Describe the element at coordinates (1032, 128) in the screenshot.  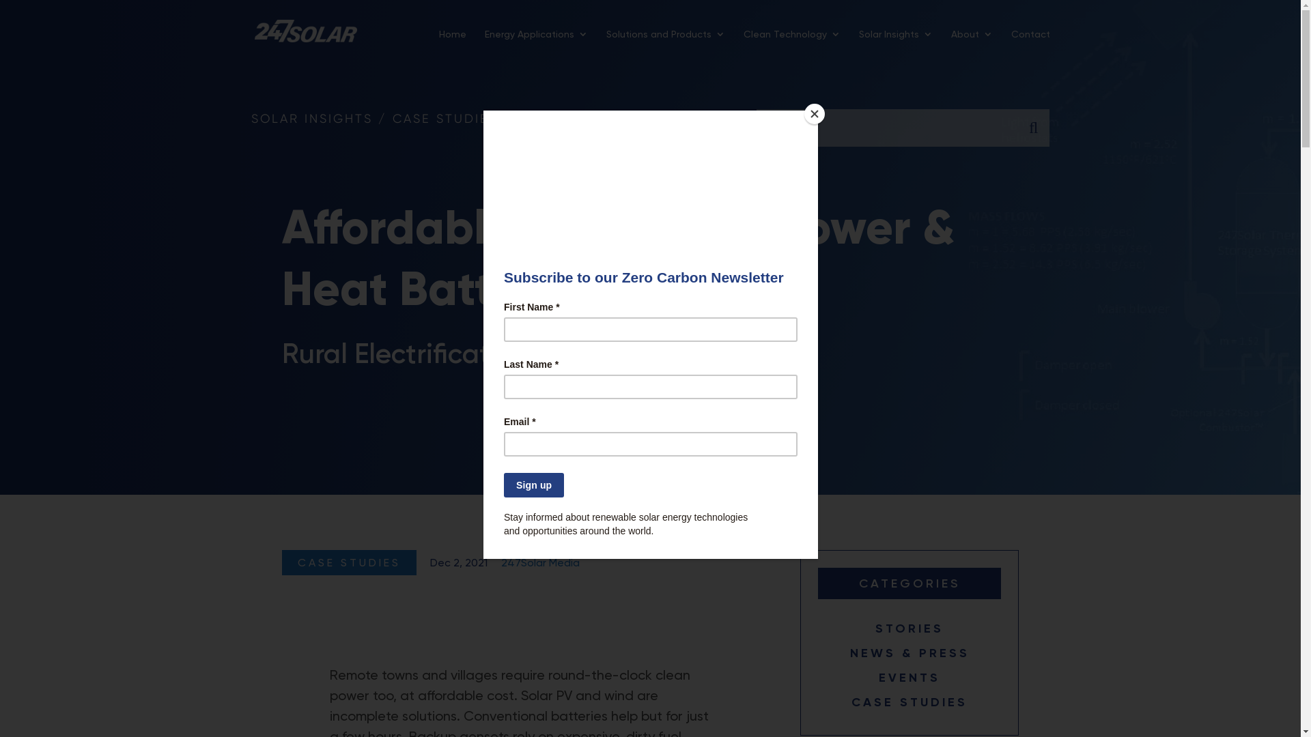
I see `'Search'` at that location.